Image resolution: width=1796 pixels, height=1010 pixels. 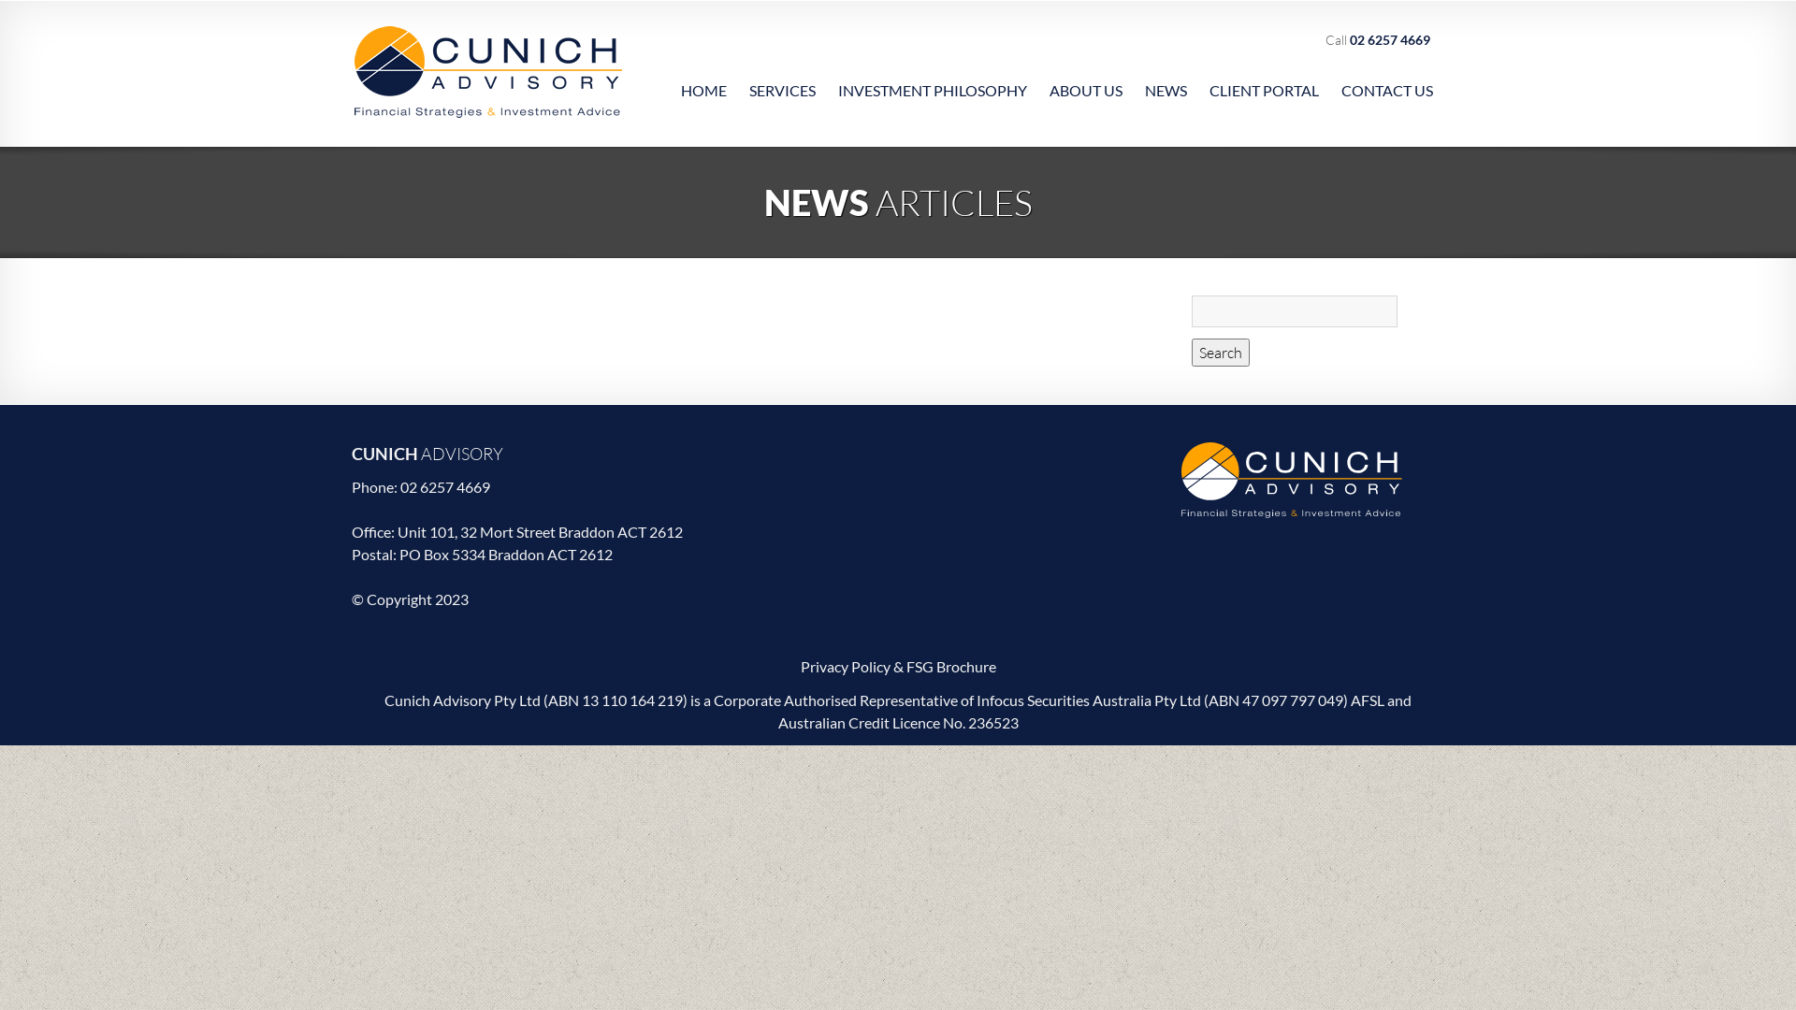 What do you see at coordinates (1264, 77) in the screenshot?
I see `'CLIENT PORTAL'` at bounding box center [1264, 77].